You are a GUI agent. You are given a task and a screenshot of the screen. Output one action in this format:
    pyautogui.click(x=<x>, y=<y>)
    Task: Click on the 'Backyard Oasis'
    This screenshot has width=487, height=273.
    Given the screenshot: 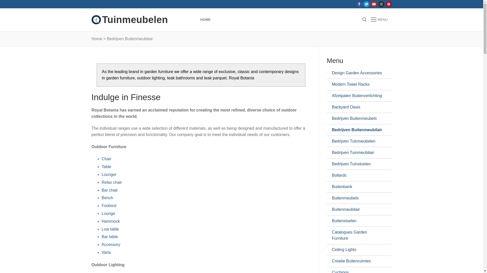 What is the action you would take?
    pyautogui.click(x=357, y=107)
    